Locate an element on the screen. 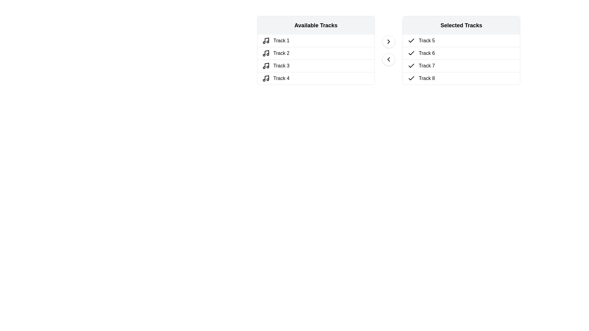 This screenshot has height=331, width=589. the checkmark icon that indicates the active state for 'Track 7' in the 'Selected Tracks' column is located at coordinates (411, 66).